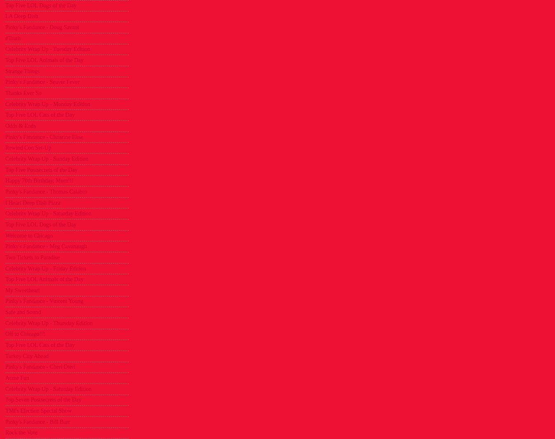 Image resolution: width=555 pixels, height=439 pixels. I want to click on 'My Sweetheart', so click(5, 290).